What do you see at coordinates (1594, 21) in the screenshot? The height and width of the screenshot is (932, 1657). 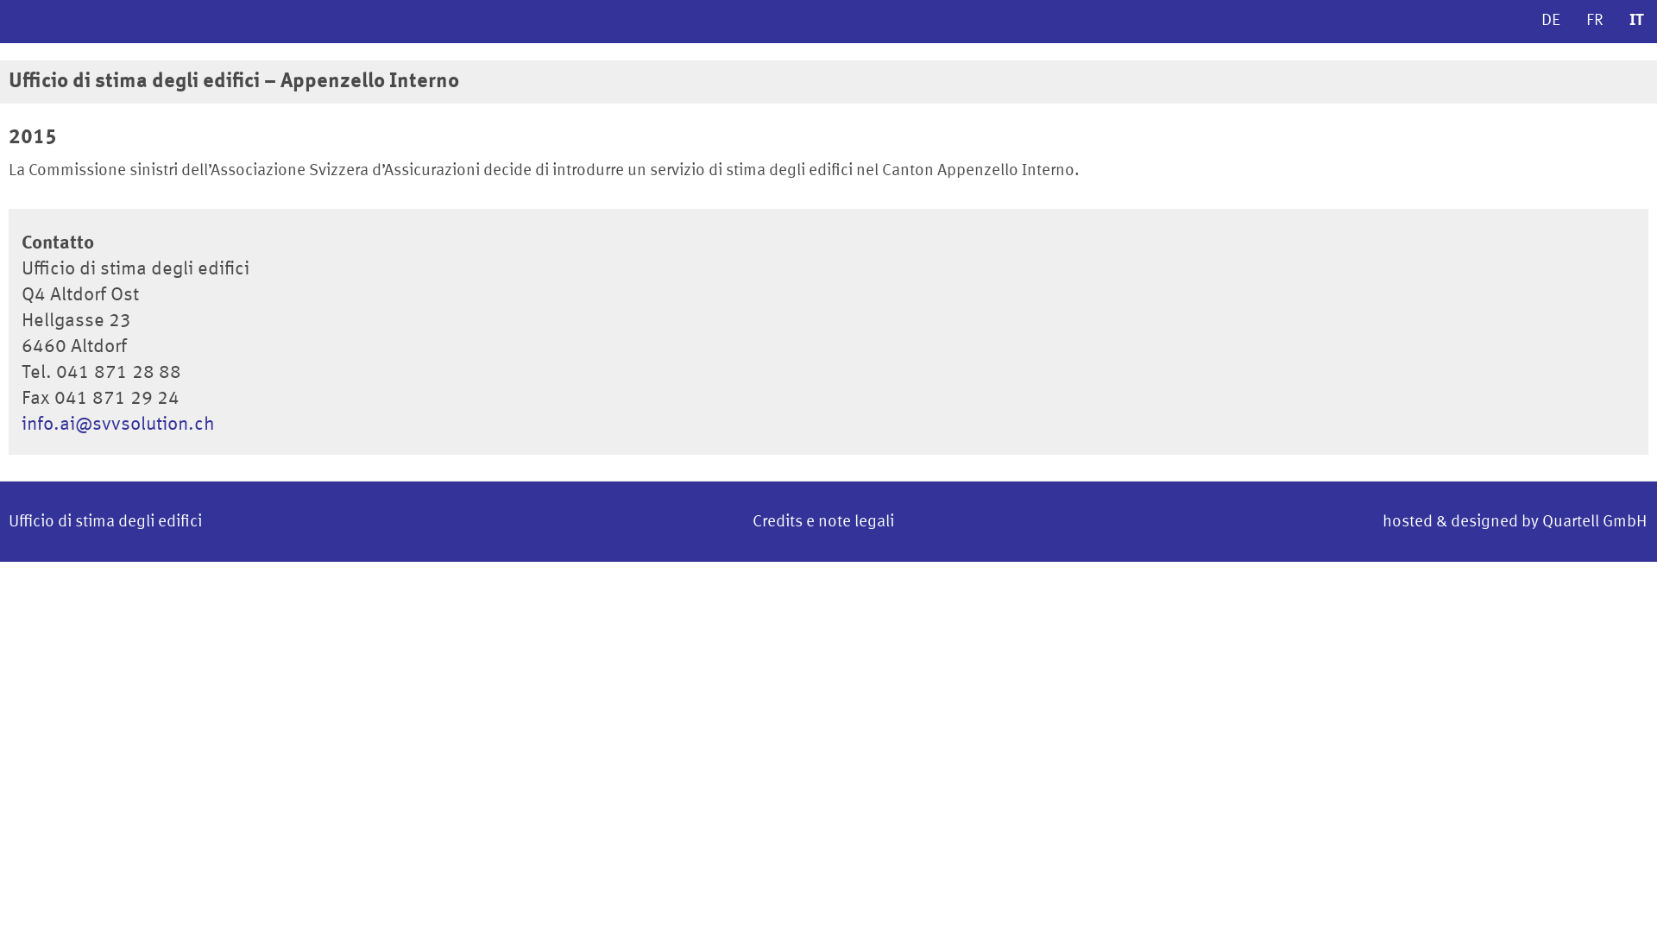 I see `'FR'` at bounding box center [1594, 21].